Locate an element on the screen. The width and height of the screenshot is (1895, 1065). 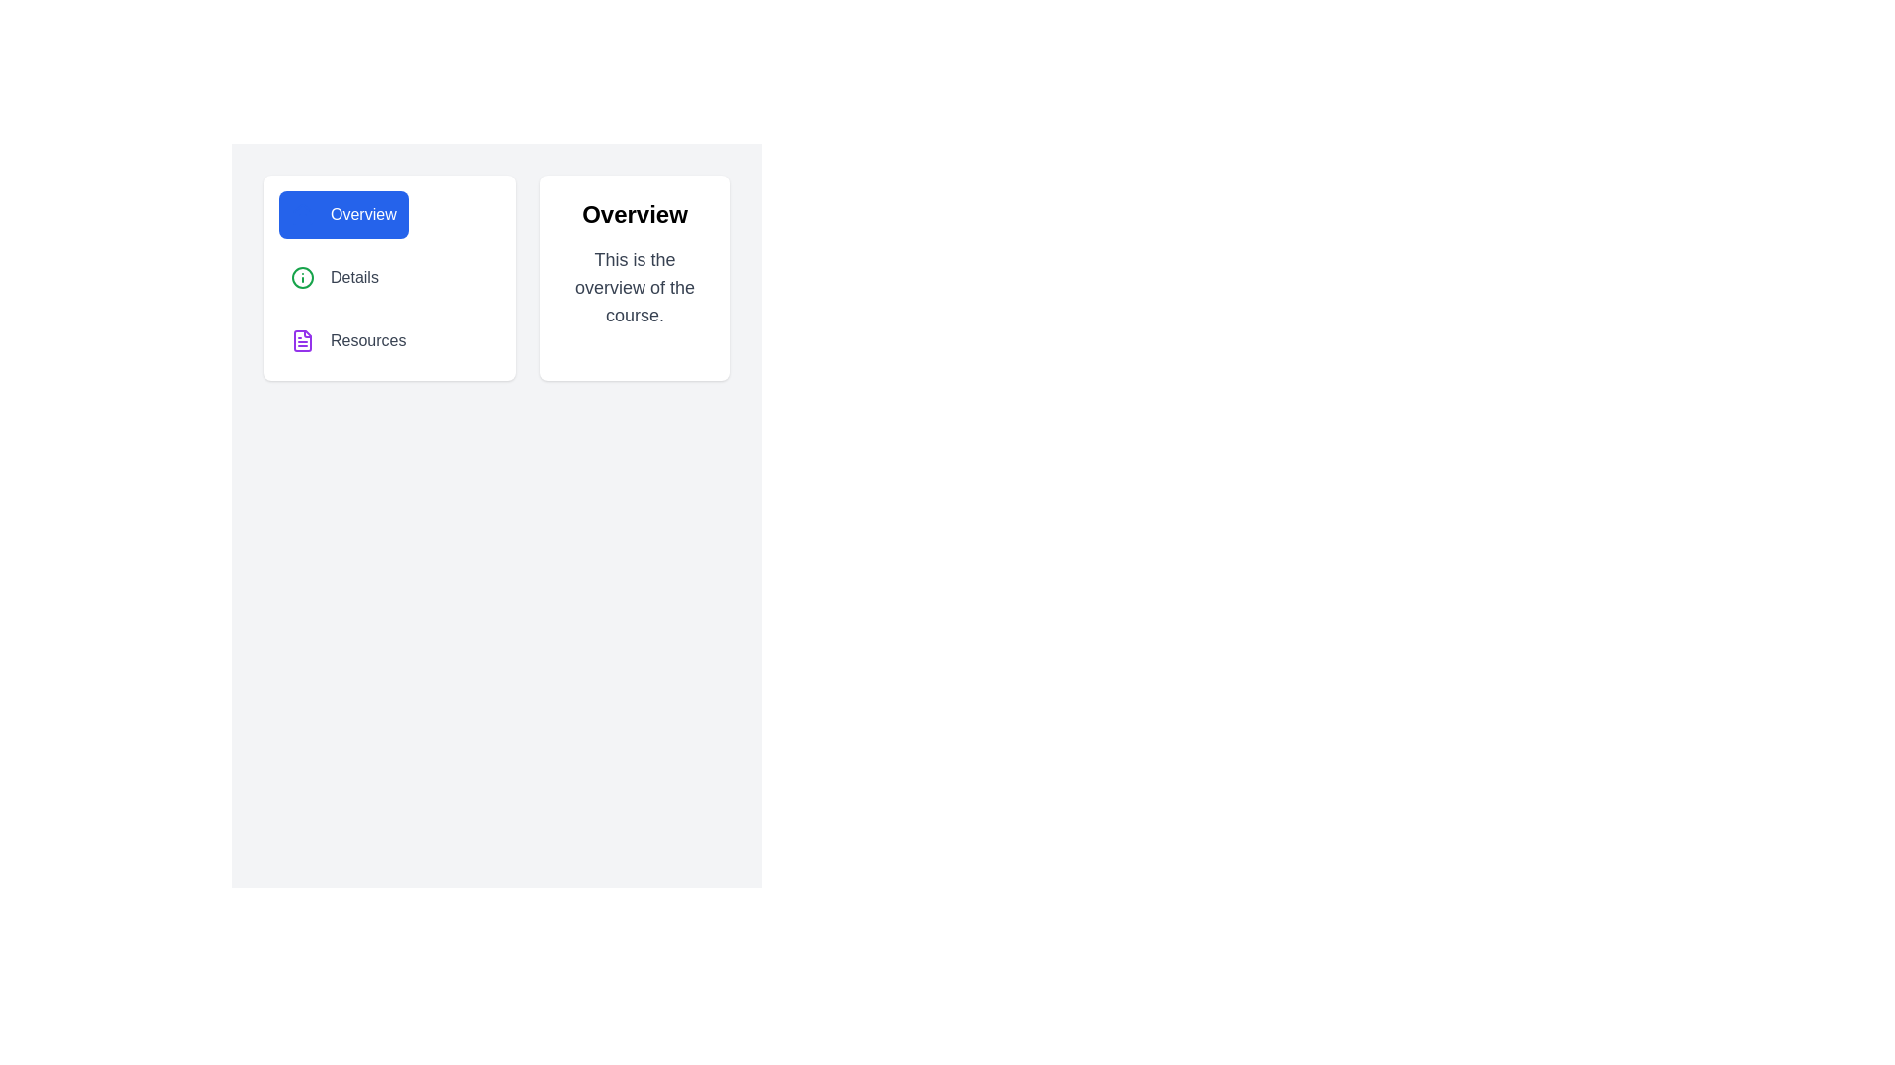
the text block containing the bold title 'Overview' and the smaller gray text 'This is the overview of the course.' is located at coordinates (635, 262).